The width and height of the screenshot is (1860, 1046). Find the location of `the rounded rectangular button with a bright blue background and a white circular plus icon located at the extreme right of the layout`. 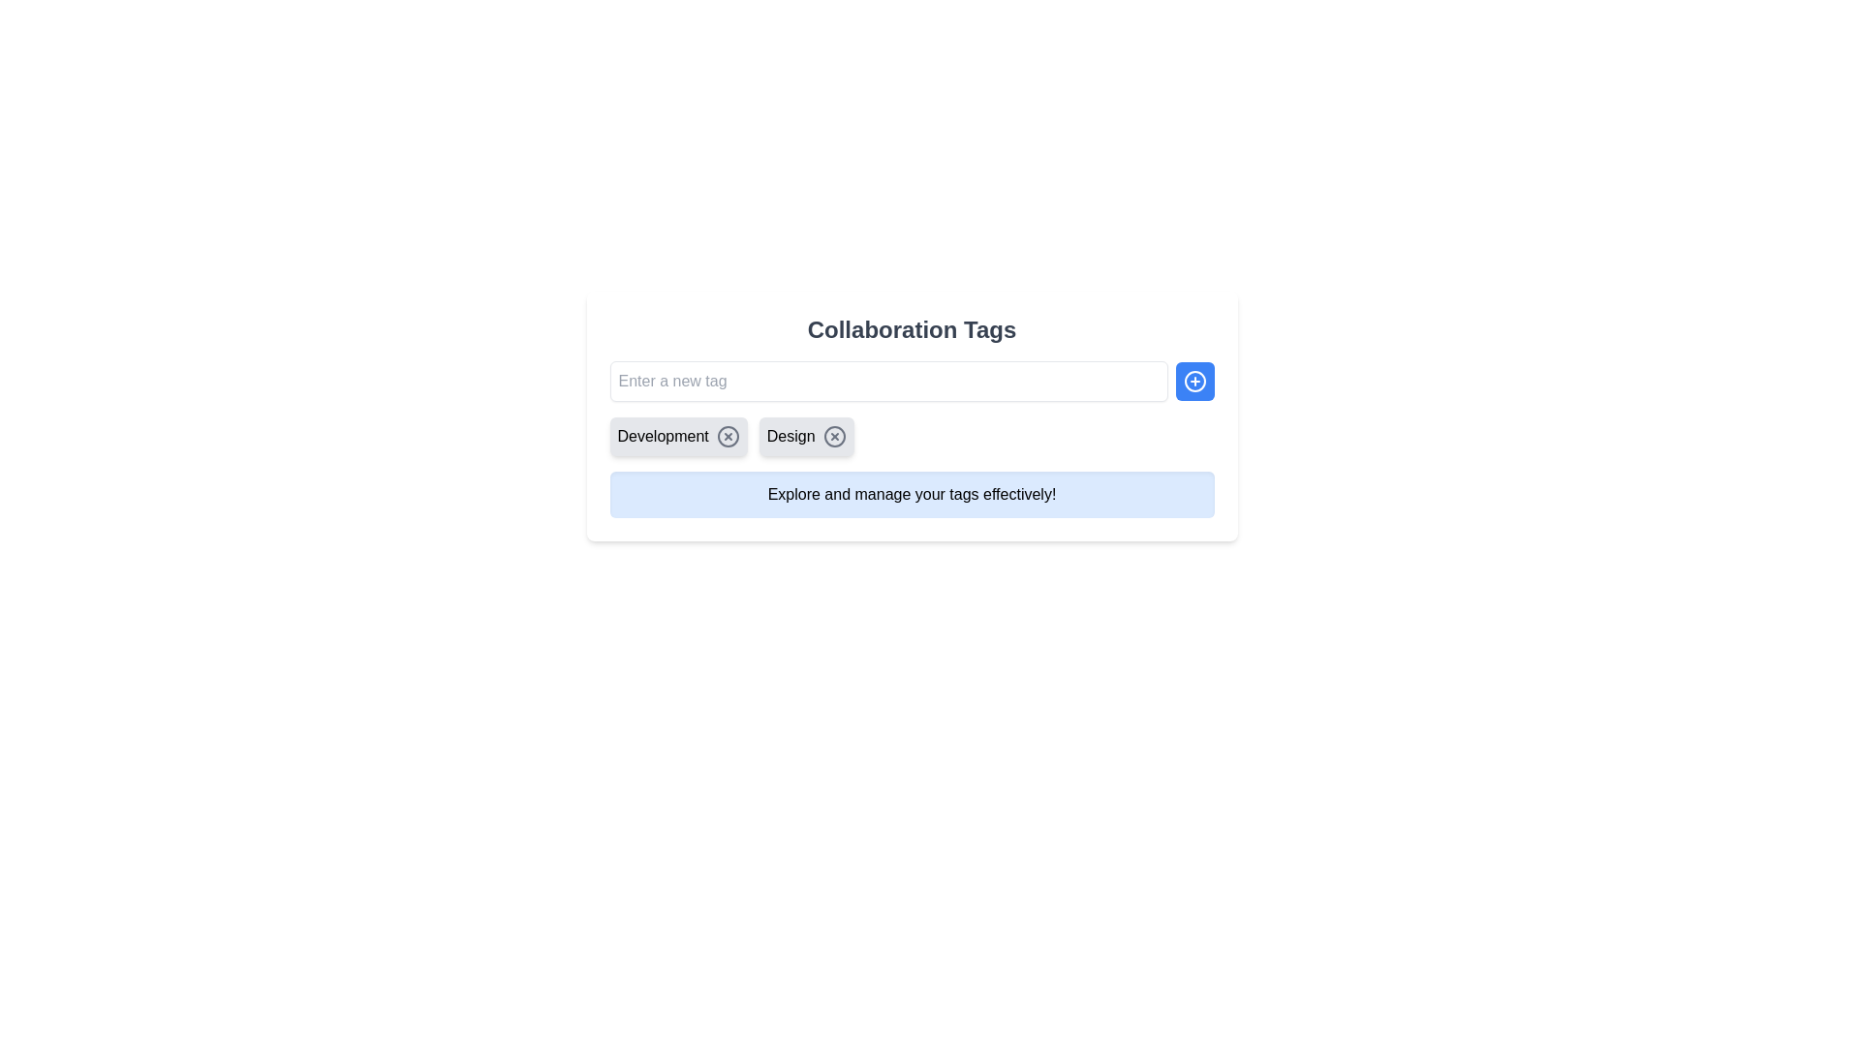

the rounded rectangular button with a bright blue background and a white circular plus icon located at the extreme right of the layout is located at coordinates (1193, 381).